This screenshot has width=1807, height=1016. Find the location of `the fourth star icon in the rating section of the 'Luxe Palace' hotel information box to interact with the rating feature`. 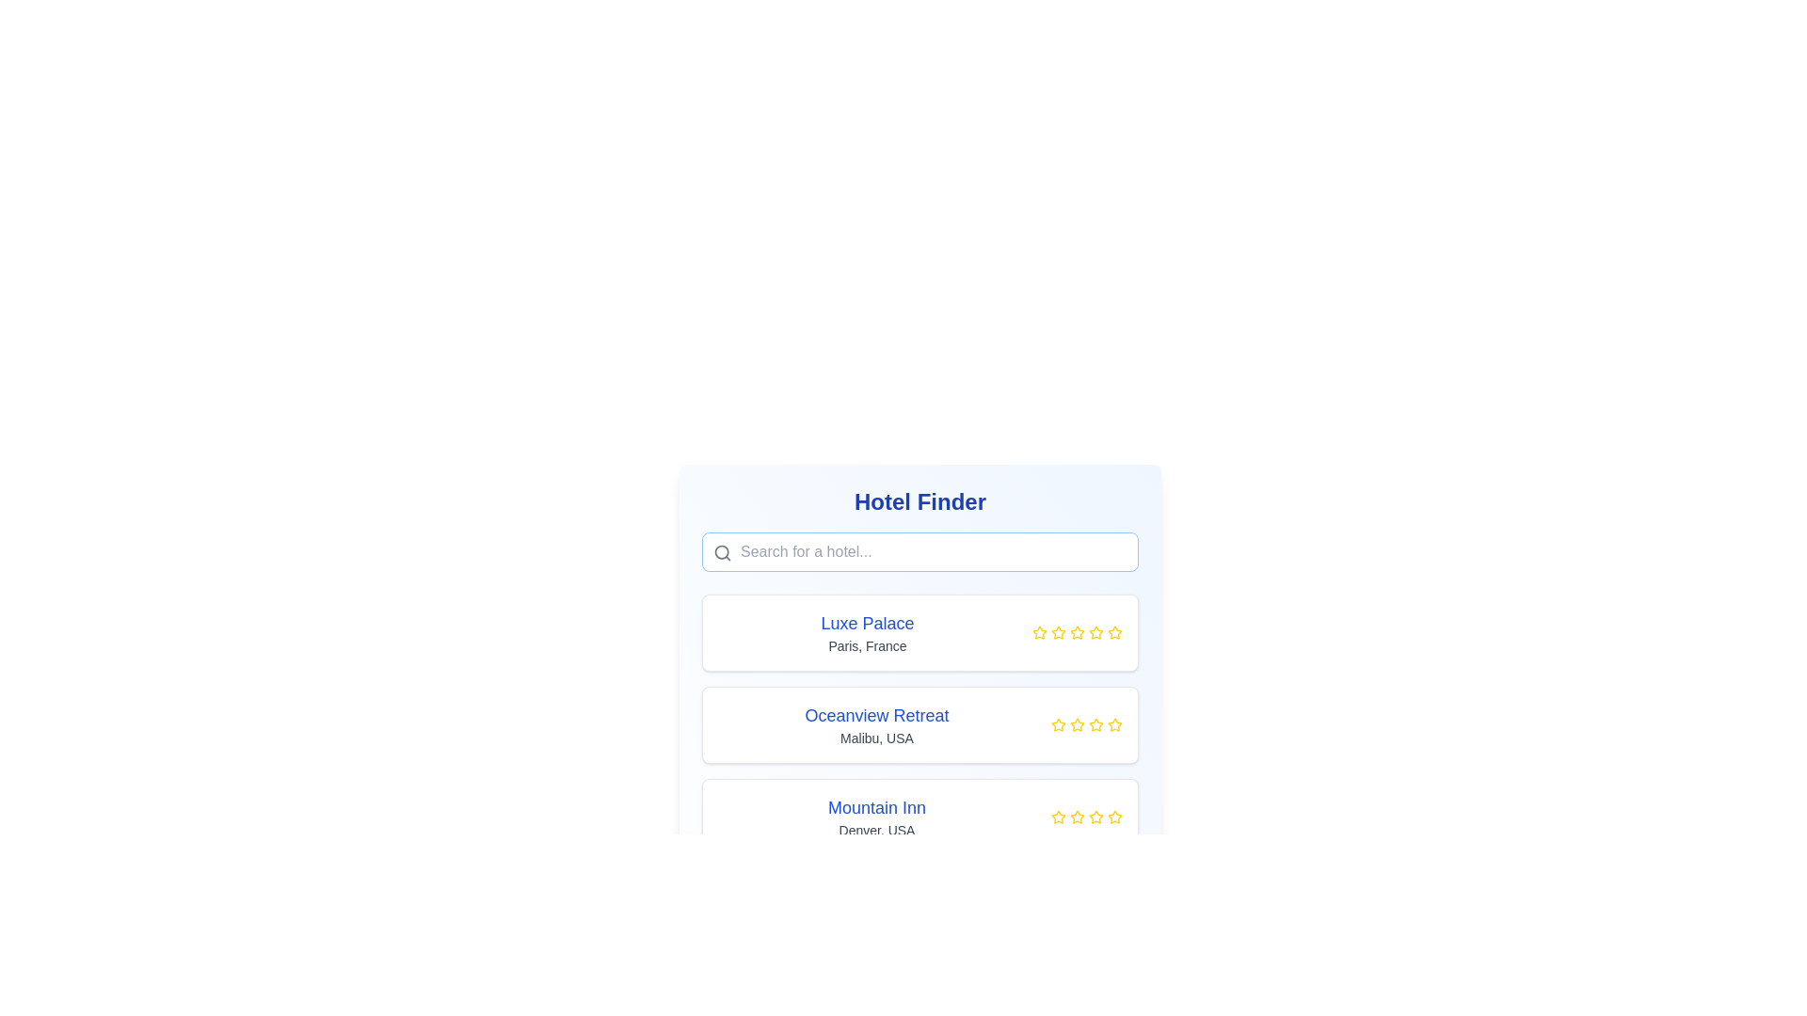

the fourth star icon in the rating section of the 'Luxe Palace' hotel information box to interact with the rating feature is located at coordinates (1115, 632).